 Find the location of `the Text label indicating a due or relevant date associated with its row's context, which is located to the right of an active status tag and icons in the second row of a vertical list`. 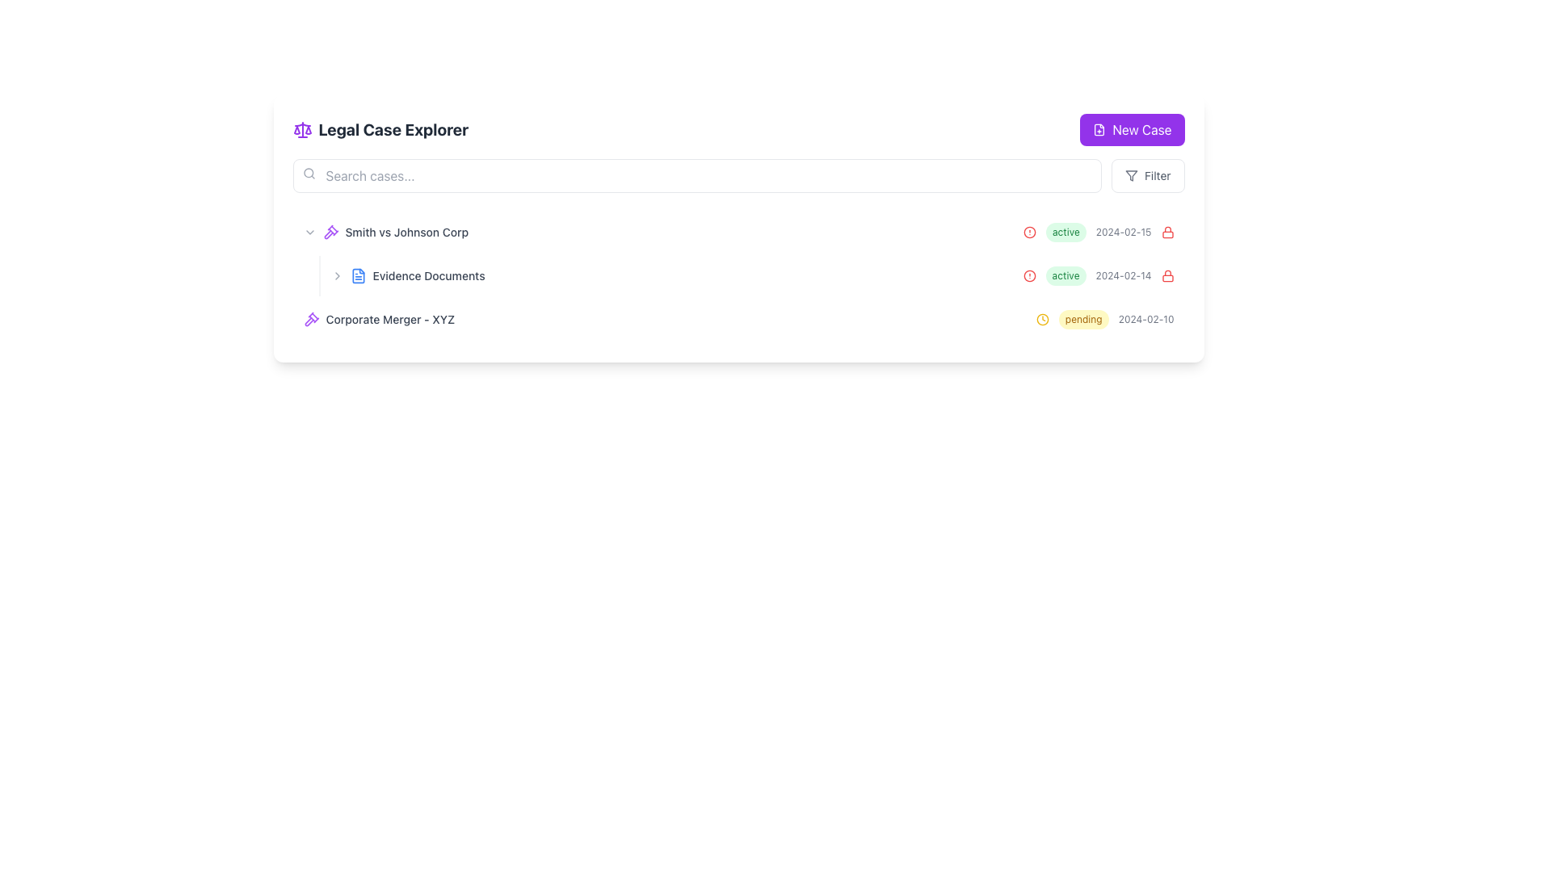

the Text label indicating a due or relevant date associated with its row's context, which is located to the right of an active status tag and icons in the second row of a vertical list is located at coordinates (1123, 275).